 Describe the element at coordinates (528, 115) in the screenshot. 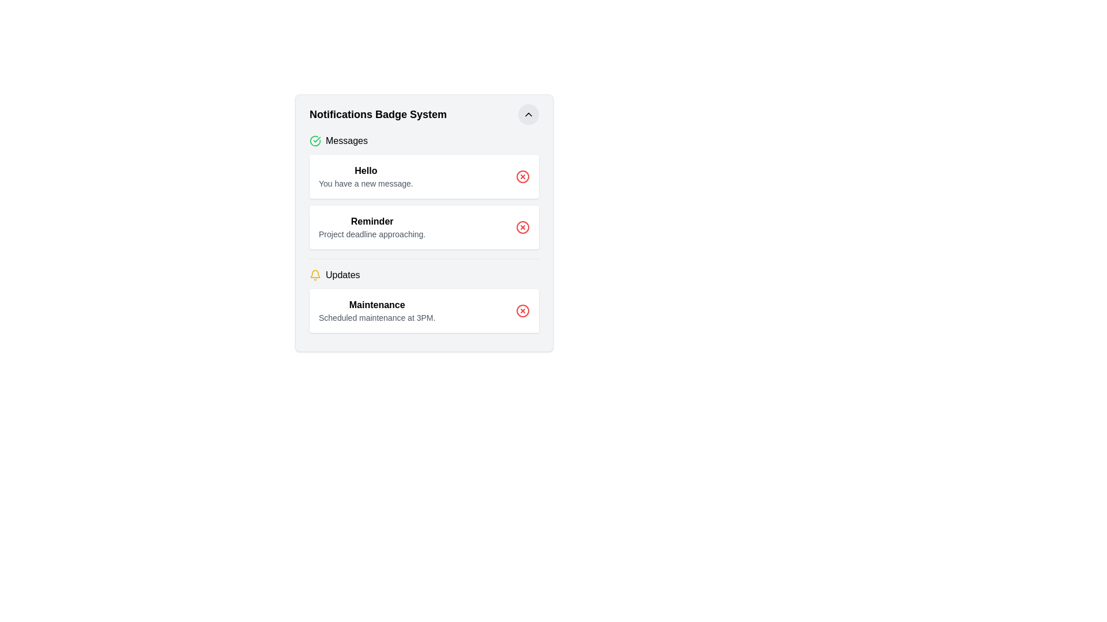

I see `the circular button with a light gray background and a black chevron icon pointing upwards, located at the rightmost part of the header section titled 'Notifications Badge System'` at that location.